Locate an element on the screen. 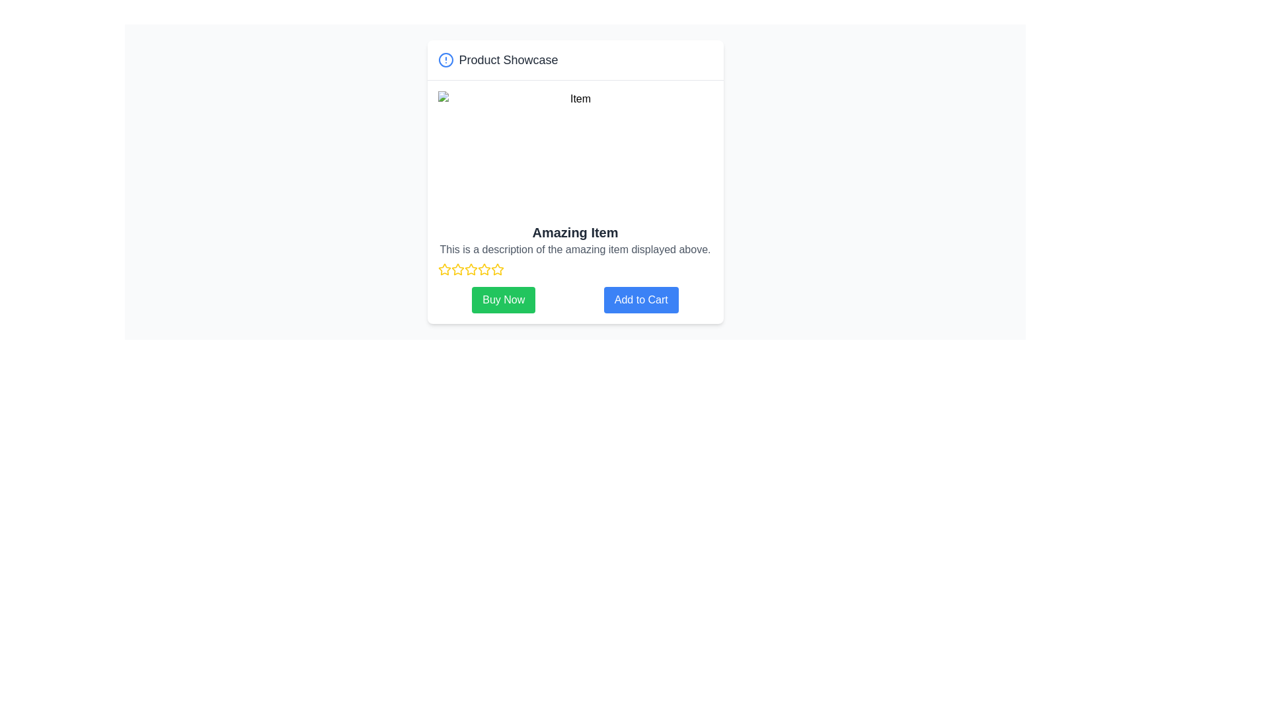 The image size is (1269, 714). the circular icon with a blue outline and an exclamation mark inside, located to the left of the 'Product Showcase' text in the header is located at coordinates (445, 60).